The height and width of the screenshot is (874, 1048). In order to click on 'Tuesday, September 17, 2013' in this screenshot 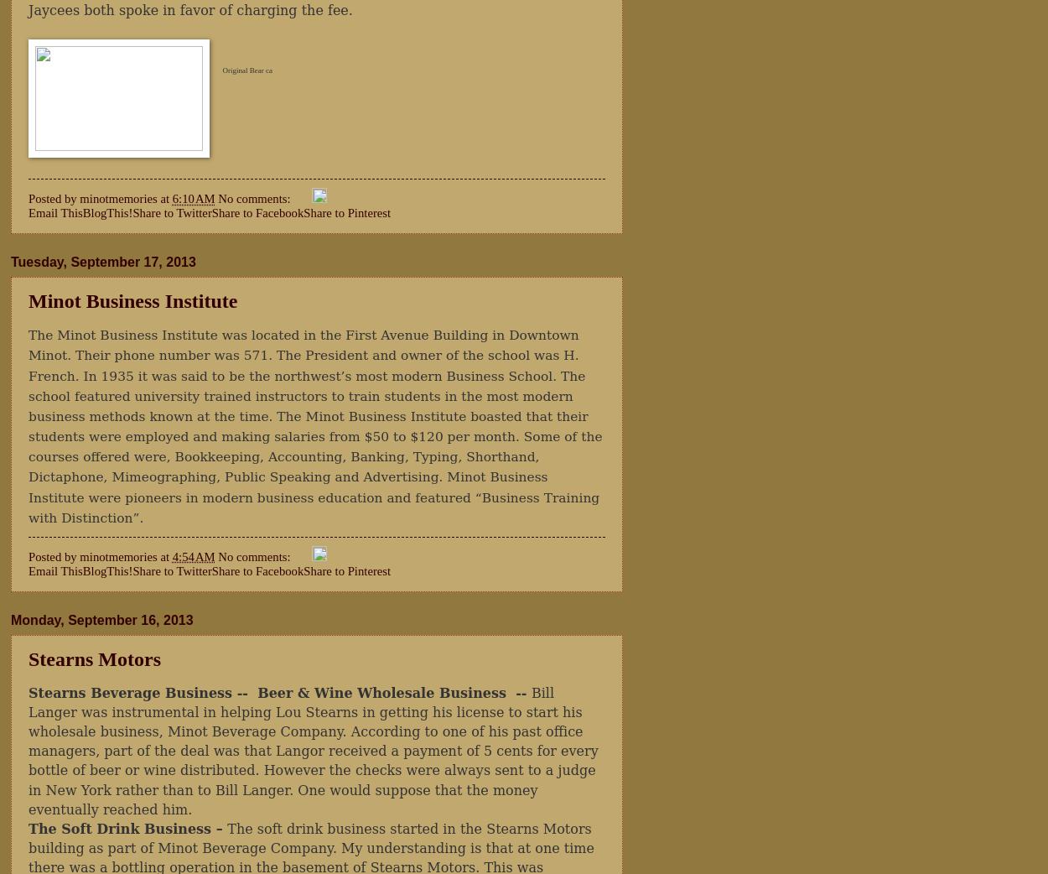, I will do `click(102, 262)`.